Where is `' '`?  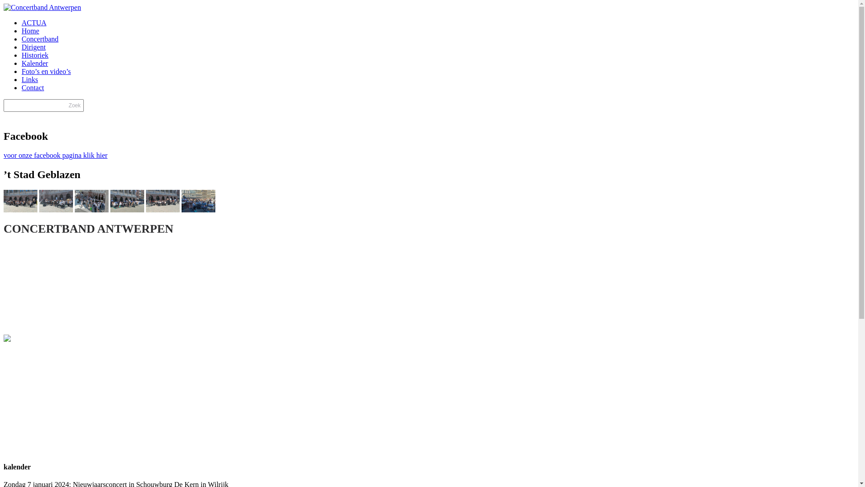 ' ' is located at coordinates (38, 210).